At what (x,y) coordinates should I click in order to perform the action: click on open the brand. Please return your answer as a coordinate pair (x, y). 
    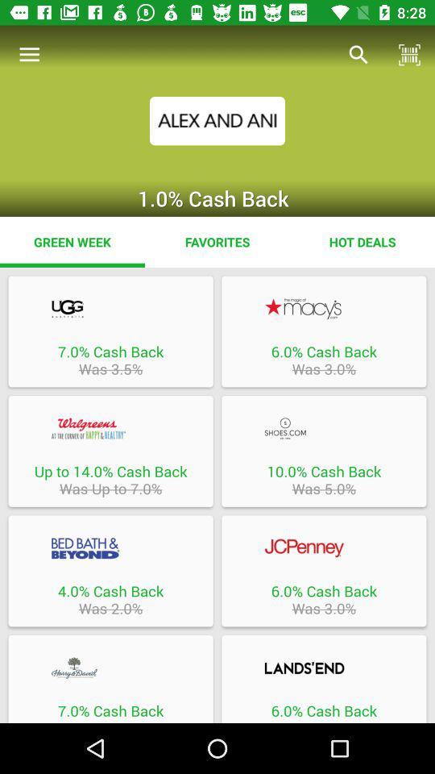
    Looking at the image, I should click on (110, 668).